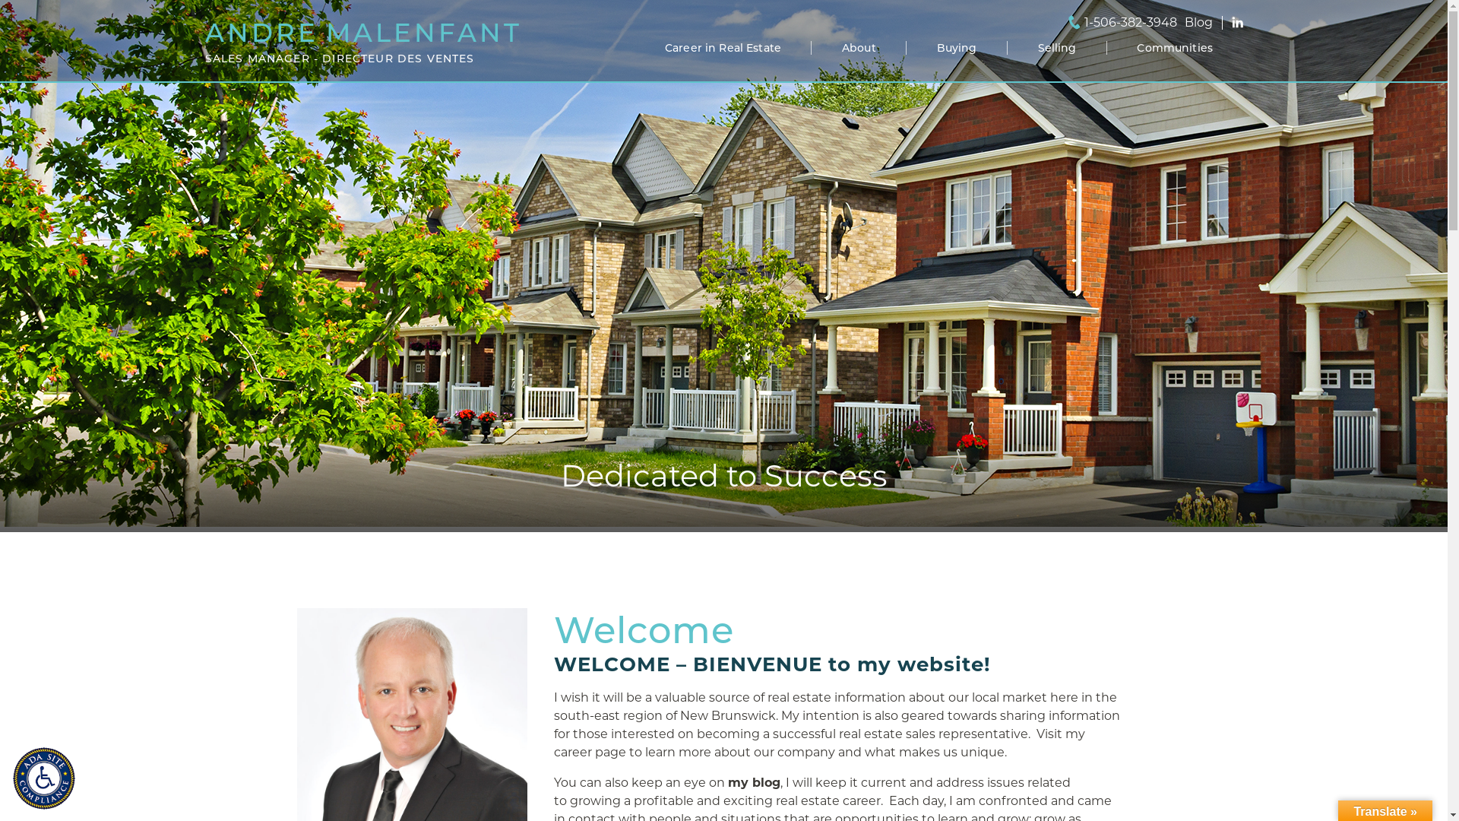 The width and height of the screenshot is (1459, 821). I want to click on '1-506-382-3948', so click(1130, 23).